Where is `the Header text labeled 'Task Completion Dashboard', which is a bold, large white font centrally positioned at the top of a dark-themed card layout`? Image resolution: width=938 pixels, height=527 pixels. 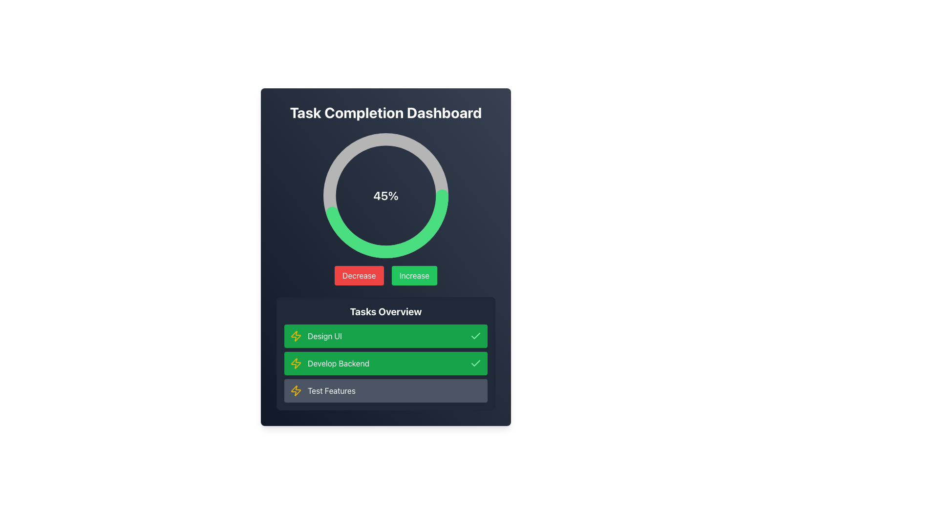
the Header text labeled 'Task Completion Dashboard', which is a bold, large white font centrally positioned at the top of a dark-themed card layout is located at coordinates (385, 112).